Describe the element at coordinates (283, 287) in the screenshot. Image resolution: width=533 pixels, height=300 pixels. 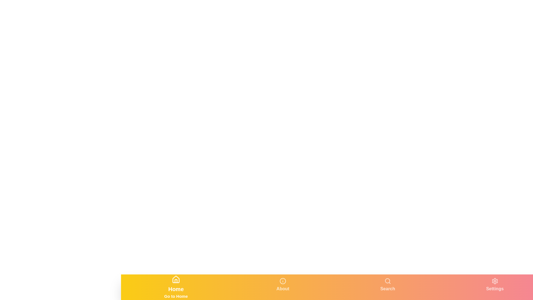
I see `the tab labeled About to switch to that tab` at that location.